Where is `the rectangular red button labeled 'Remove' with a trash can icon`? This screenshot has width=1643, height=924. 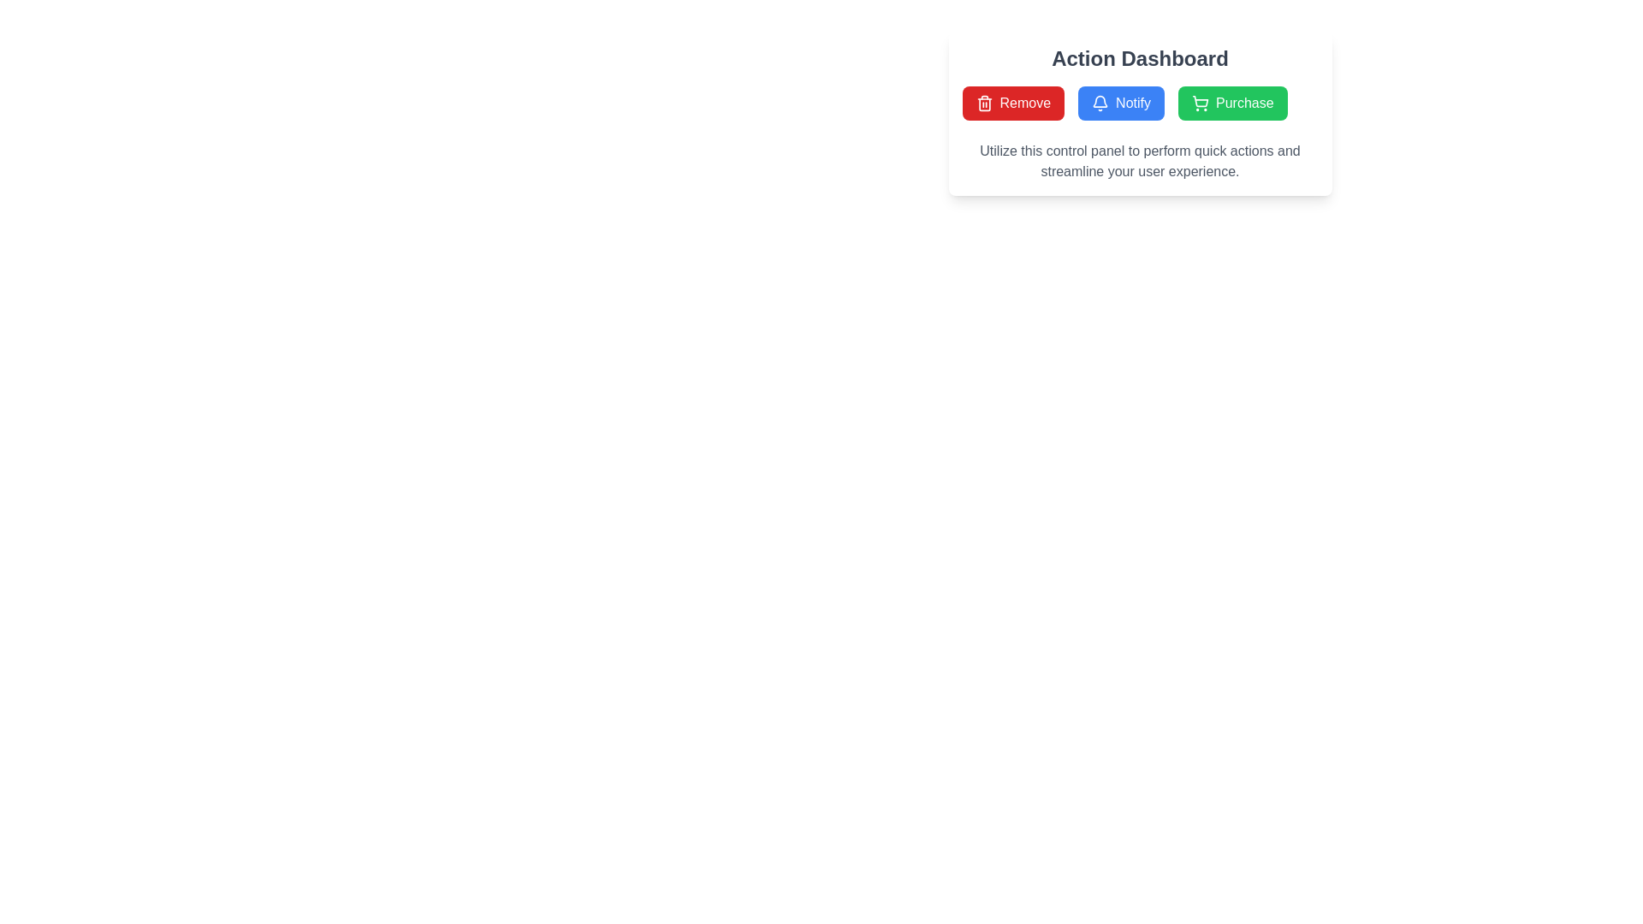 the rectangular red button labeled 'Remove' with a trash can icon is located at coordinates (1013, 103).